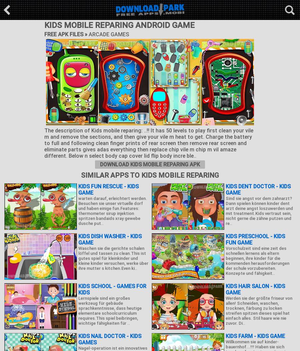 The width and height of the screenshot is (300, 351). I want to click on 'Waschen sie die gerichte schalen löffel und tassen zu clean.This ist gutes spiel für kleinkinder und kleine kinder versuchen, werke über ihre mutter s kitchen.Even ki..', so click(113, 258).